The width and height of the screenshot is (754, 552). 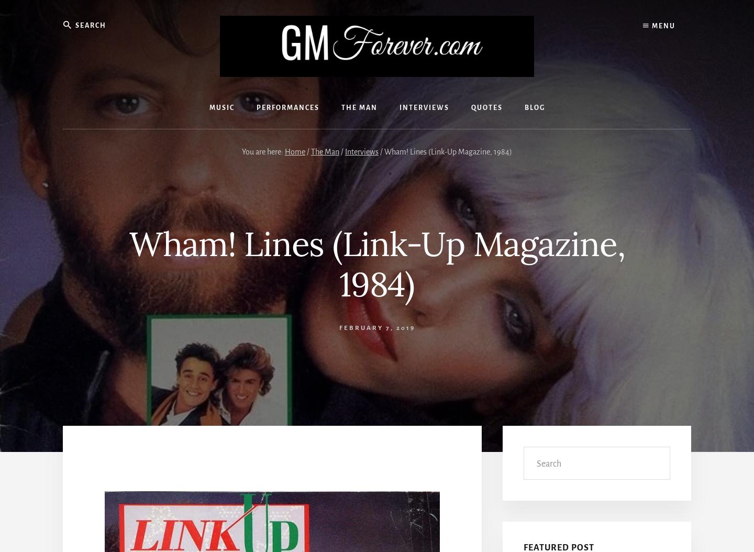 I want to click on 'You are here:', so click(x=262, y=151).